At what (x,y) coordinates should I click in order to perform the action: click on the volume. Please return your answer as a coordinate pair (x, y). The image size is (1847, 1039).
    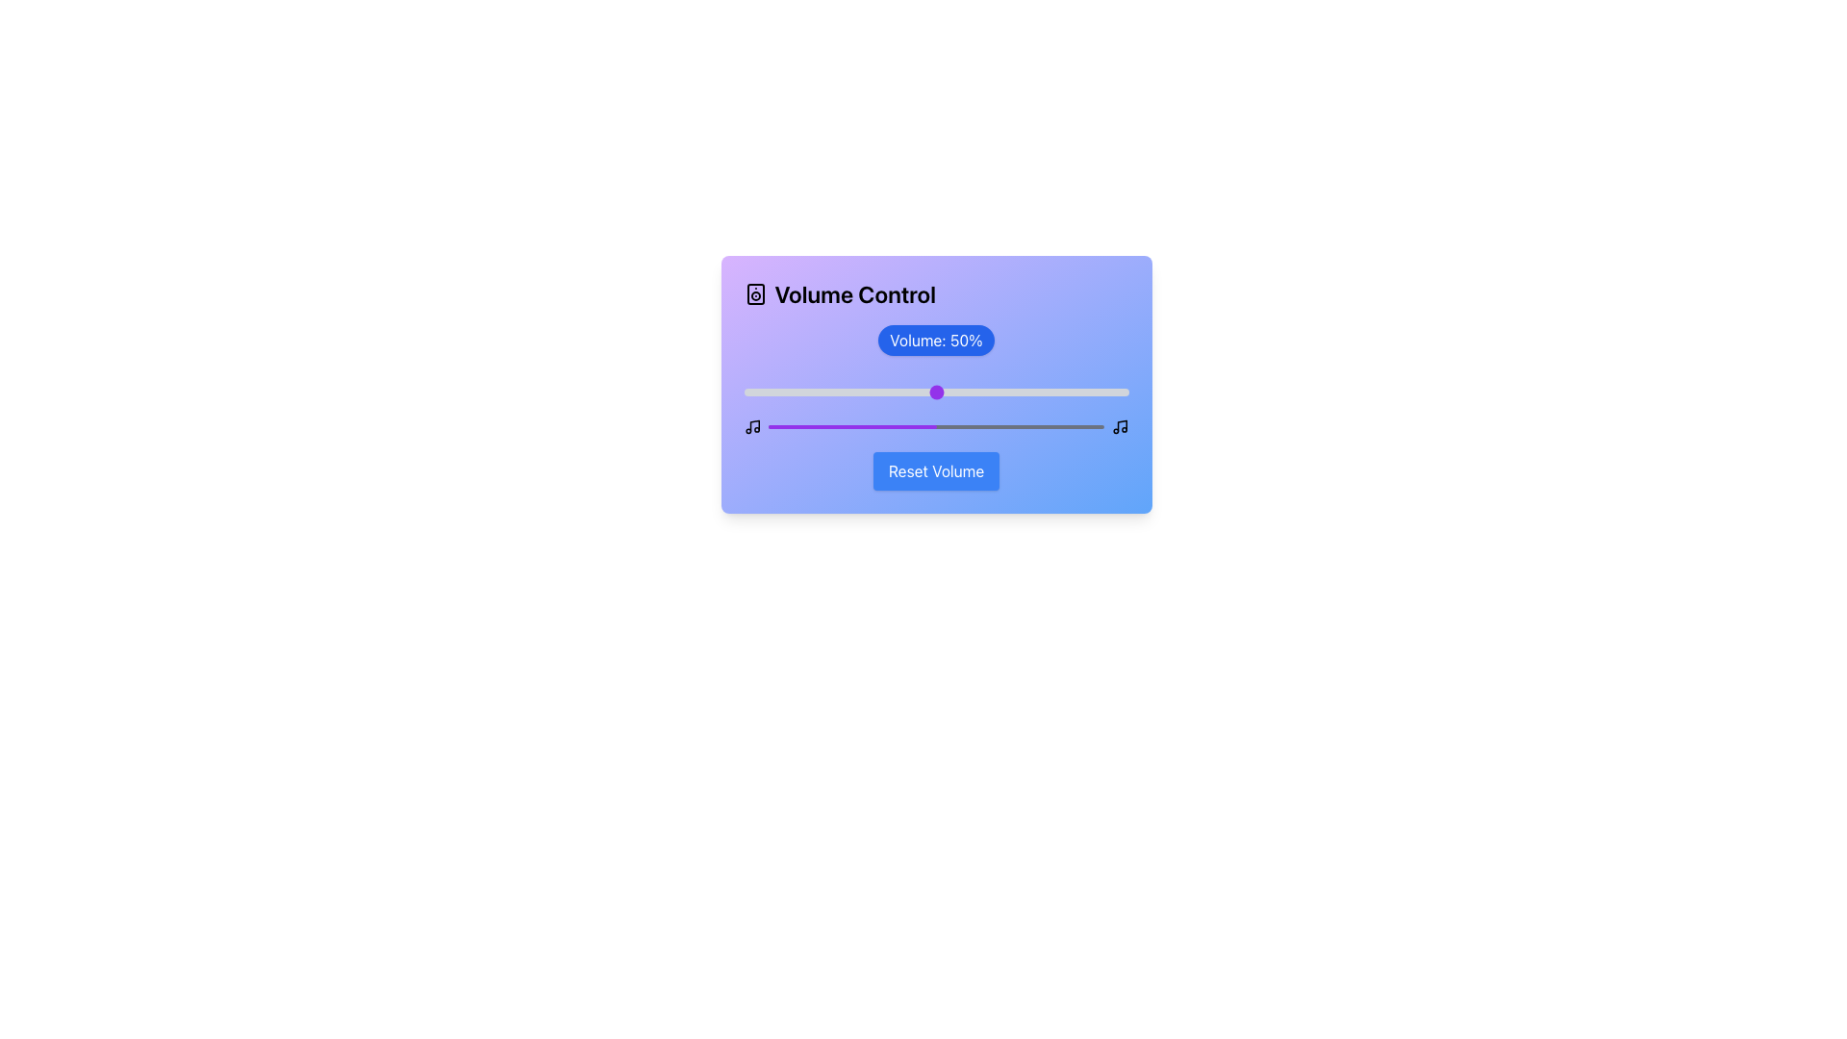
    Looking at the image, I should click on (825, 425).